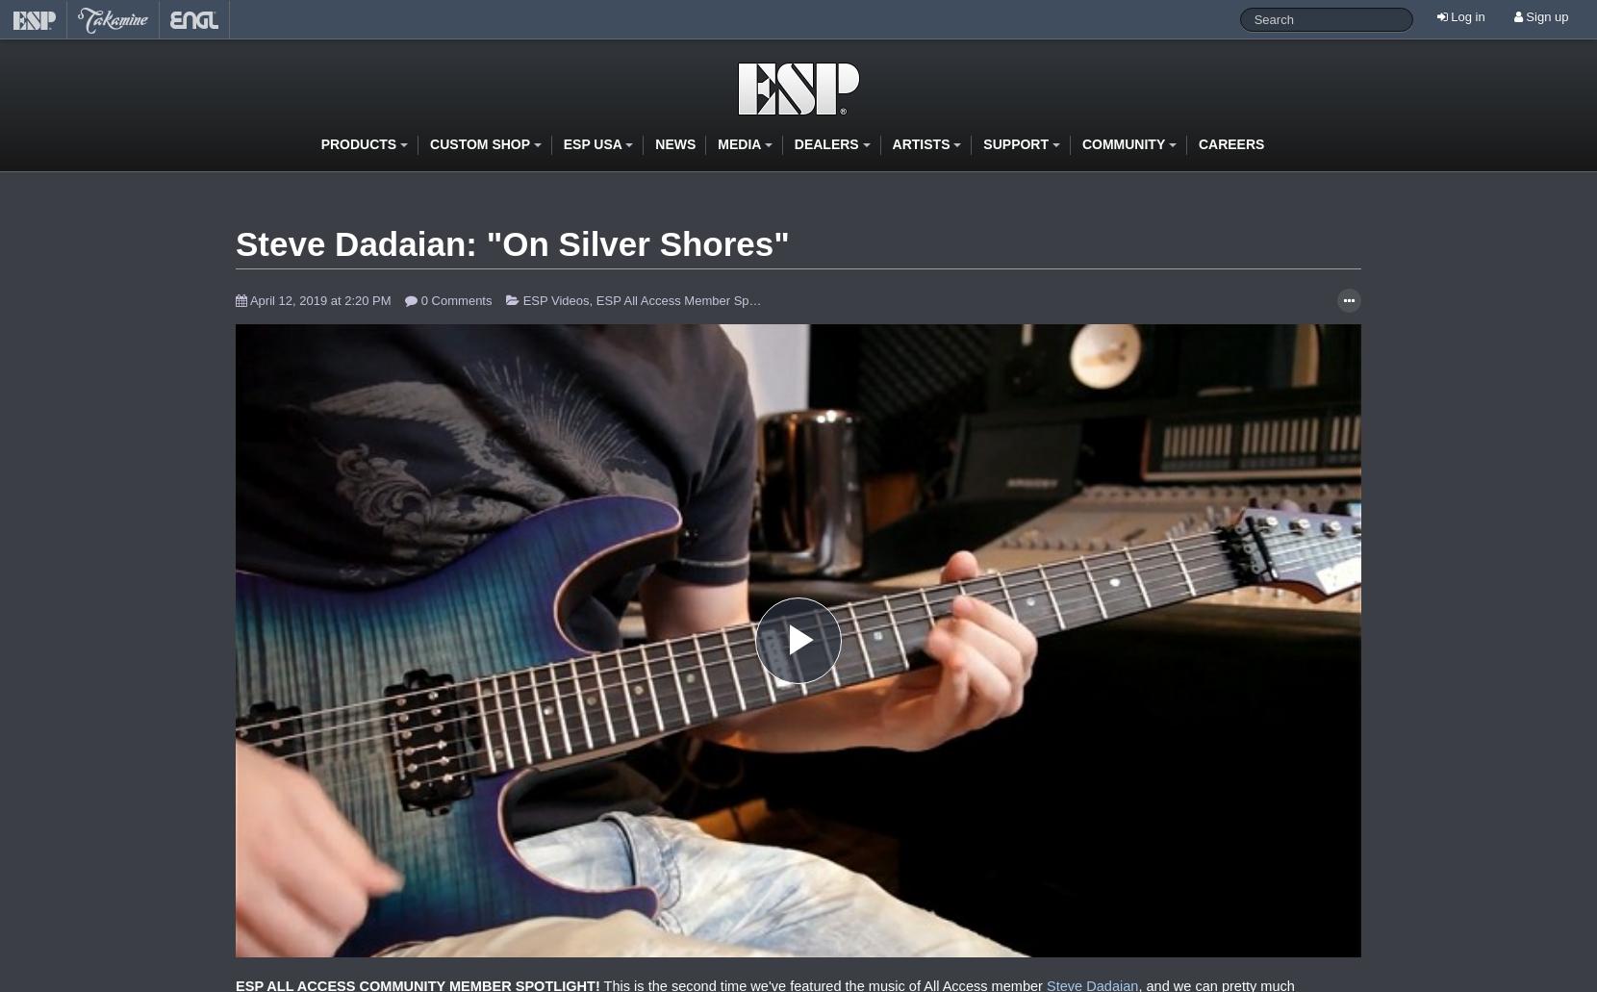  I want to click on 'Log in', so click(1466, 16).